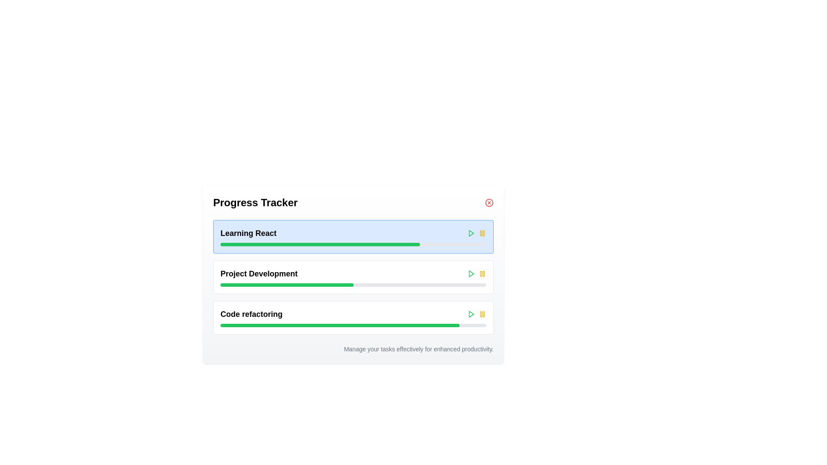 The height and width of the screenshot is (465, 827). Describe the element at coordinates (353, 325) in the screenshot. I see `the progress bar indicating the completion of the 'Code refactoring' task, located under the header 'Code refactoring' in the third section of the progress tracking list` at that location.